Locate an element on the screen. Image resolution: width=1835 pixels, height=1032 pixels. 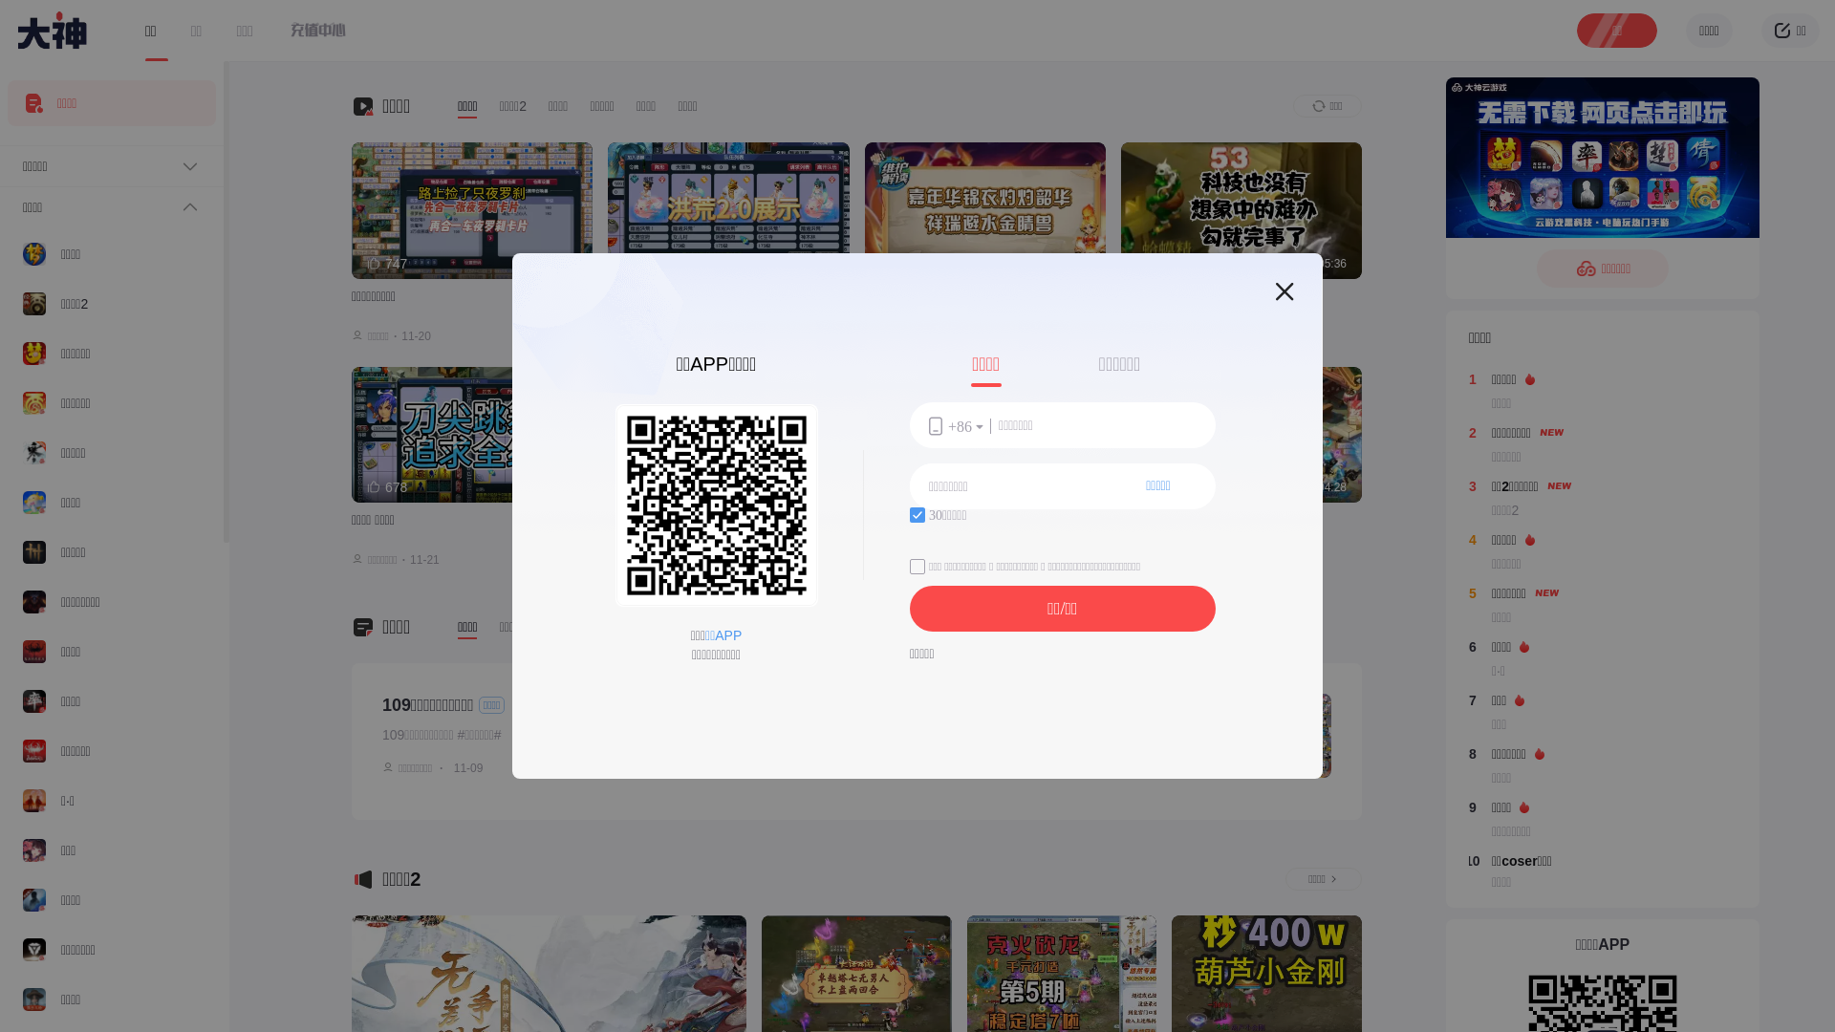
'678' is located at coordinates (385, 485).